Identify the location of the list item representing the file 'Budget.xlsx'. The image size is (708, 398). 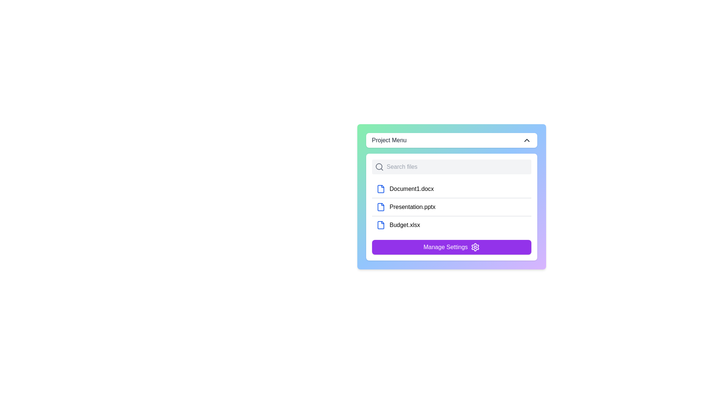
(451, 224).